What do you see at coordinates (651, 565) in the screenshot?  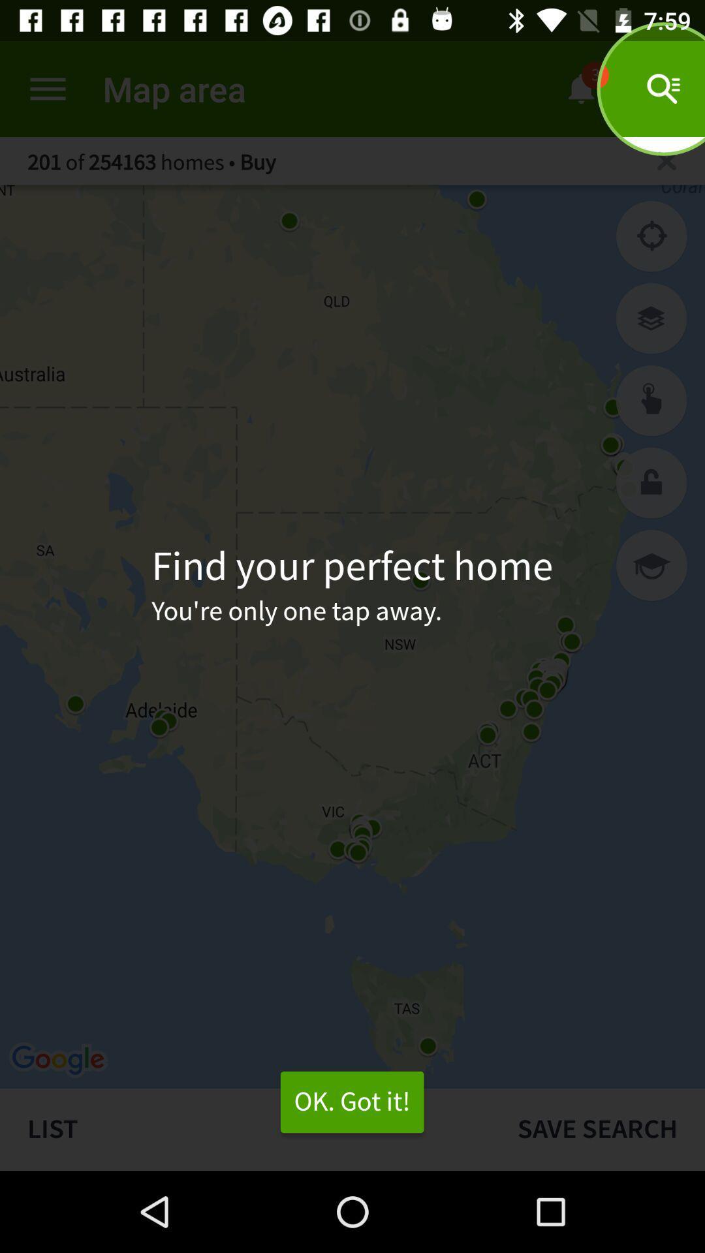 I see `the item to the right of the find your perfect` at bounding box center [651, 565].